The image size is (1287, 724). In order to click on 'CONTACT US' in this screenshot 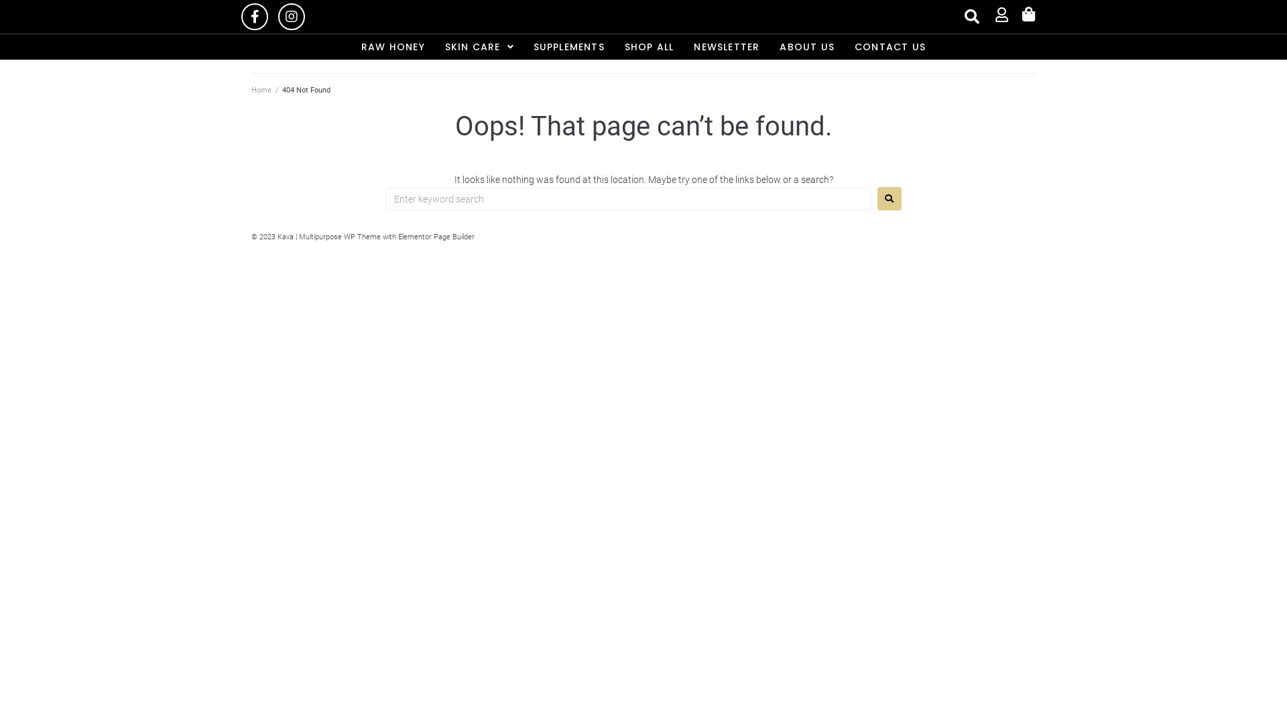, I will do `click(890, 46)`.